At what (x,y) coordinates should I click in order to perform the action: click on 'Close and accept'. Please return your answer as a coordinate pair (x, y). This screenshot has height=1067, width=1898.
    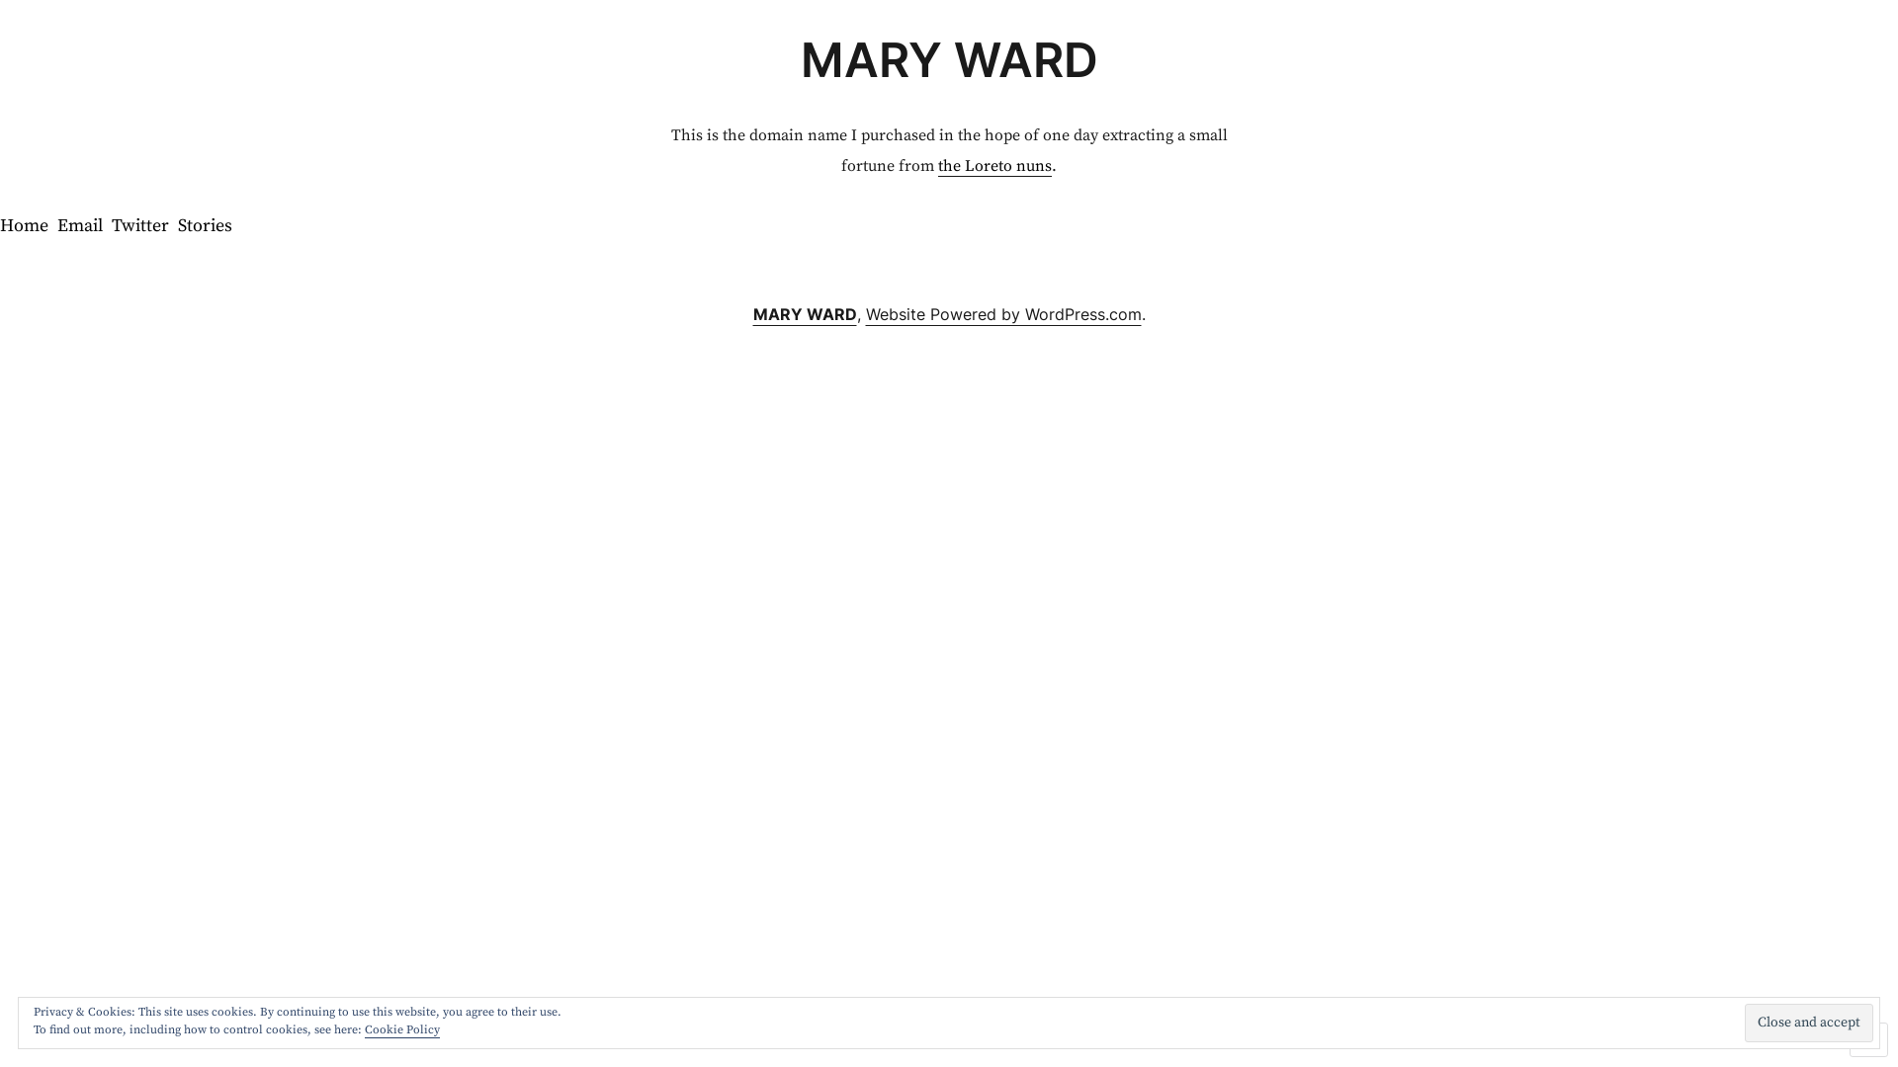
    Looking at the image, I should click on (1808, 1023).